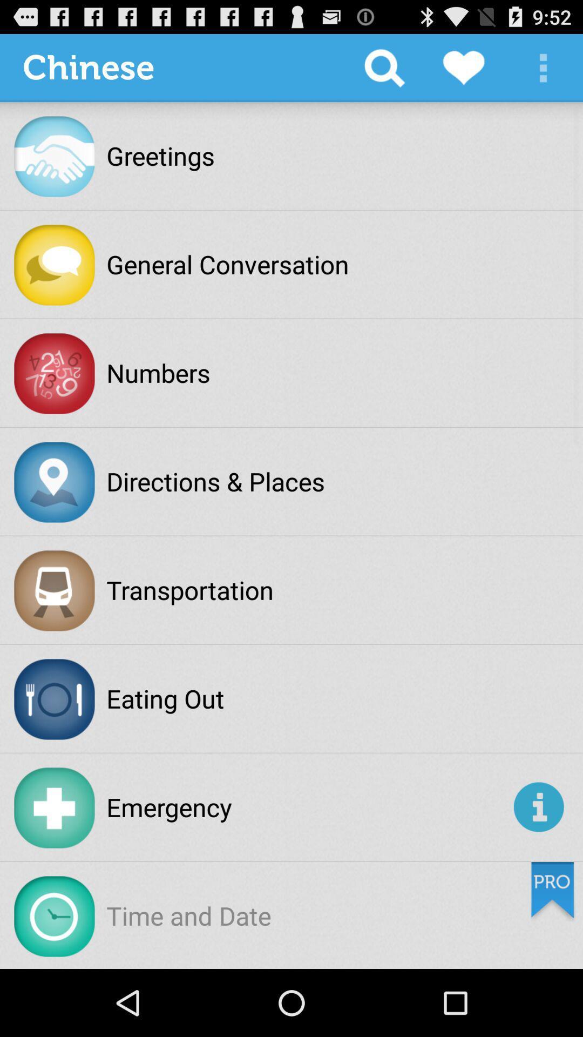 This screenshot has width=583, height=1037. I want to click on the general conversation item, so click(227, 264).